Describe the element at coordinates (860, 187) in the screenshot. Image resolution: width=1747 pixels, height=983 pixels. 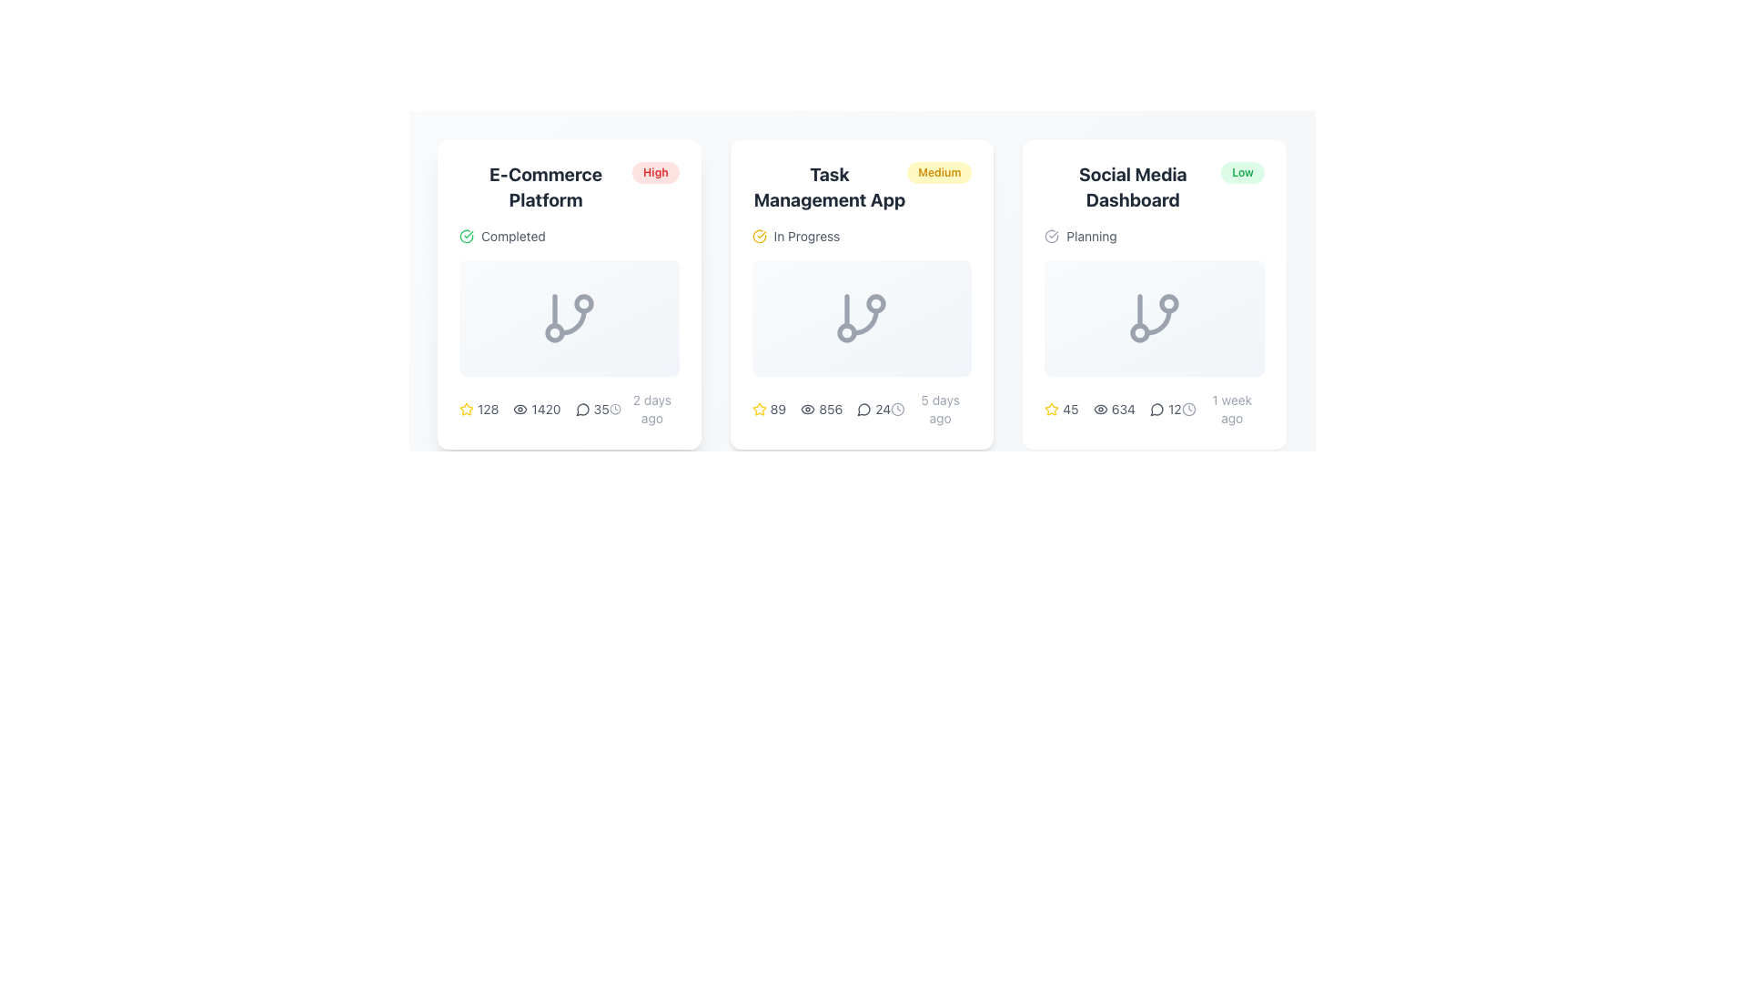
I see `the bold title 'Task Management App' to potentially open the task details` at that location.